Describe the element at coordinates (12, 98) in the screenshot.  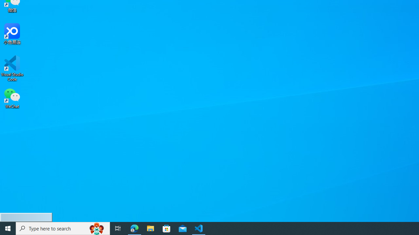
I see `'WeChat'` at that location.